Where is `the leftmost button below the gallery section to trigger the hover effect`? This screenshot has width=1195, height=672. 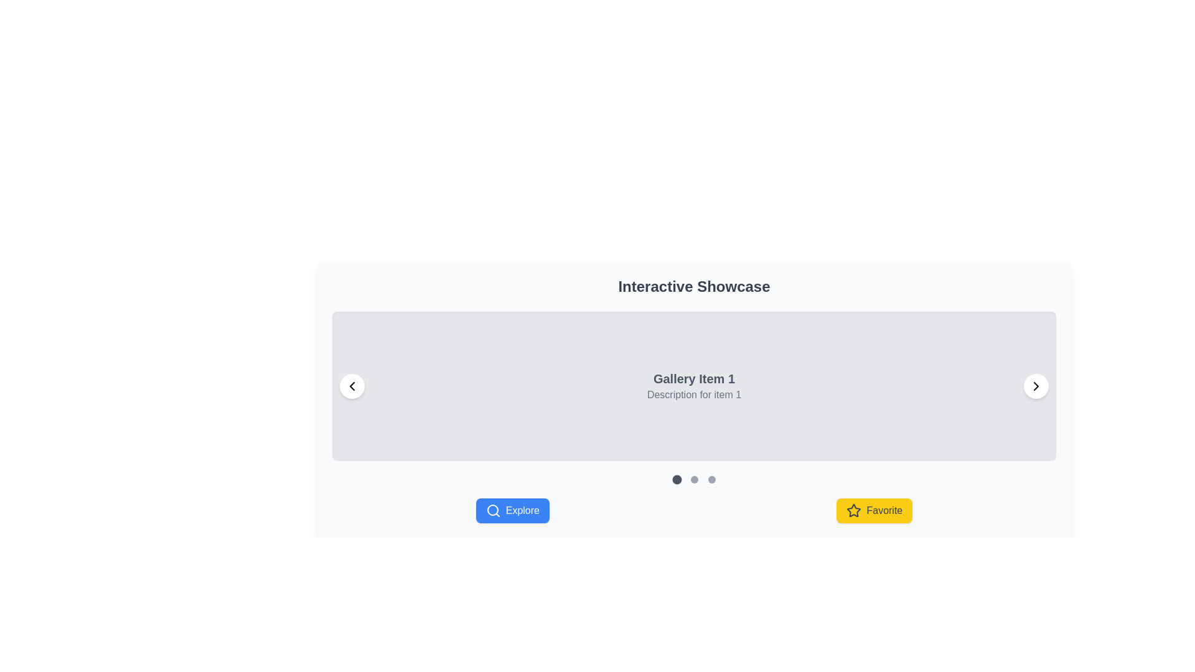 the leftmost button below the gallery section to trigger the hover effect is located at coordinates (512, 511).